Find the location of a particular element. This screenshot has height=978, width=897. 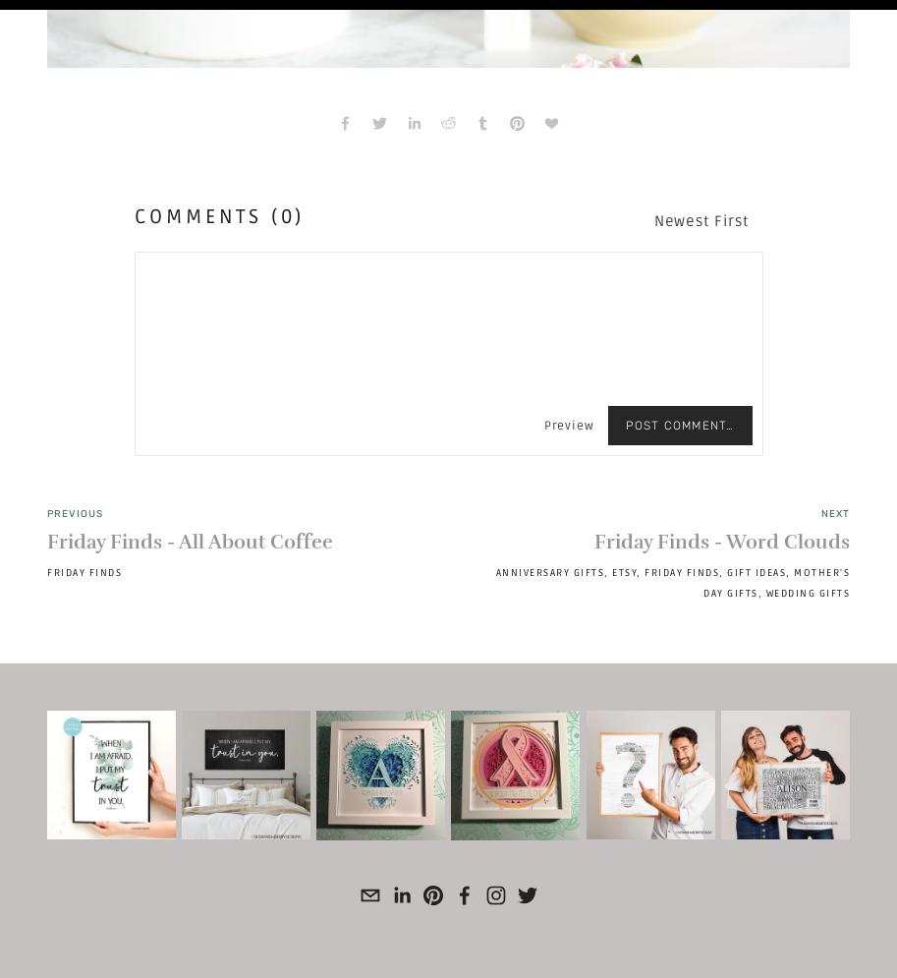

'Preview' is located at coordinates (567, 425).